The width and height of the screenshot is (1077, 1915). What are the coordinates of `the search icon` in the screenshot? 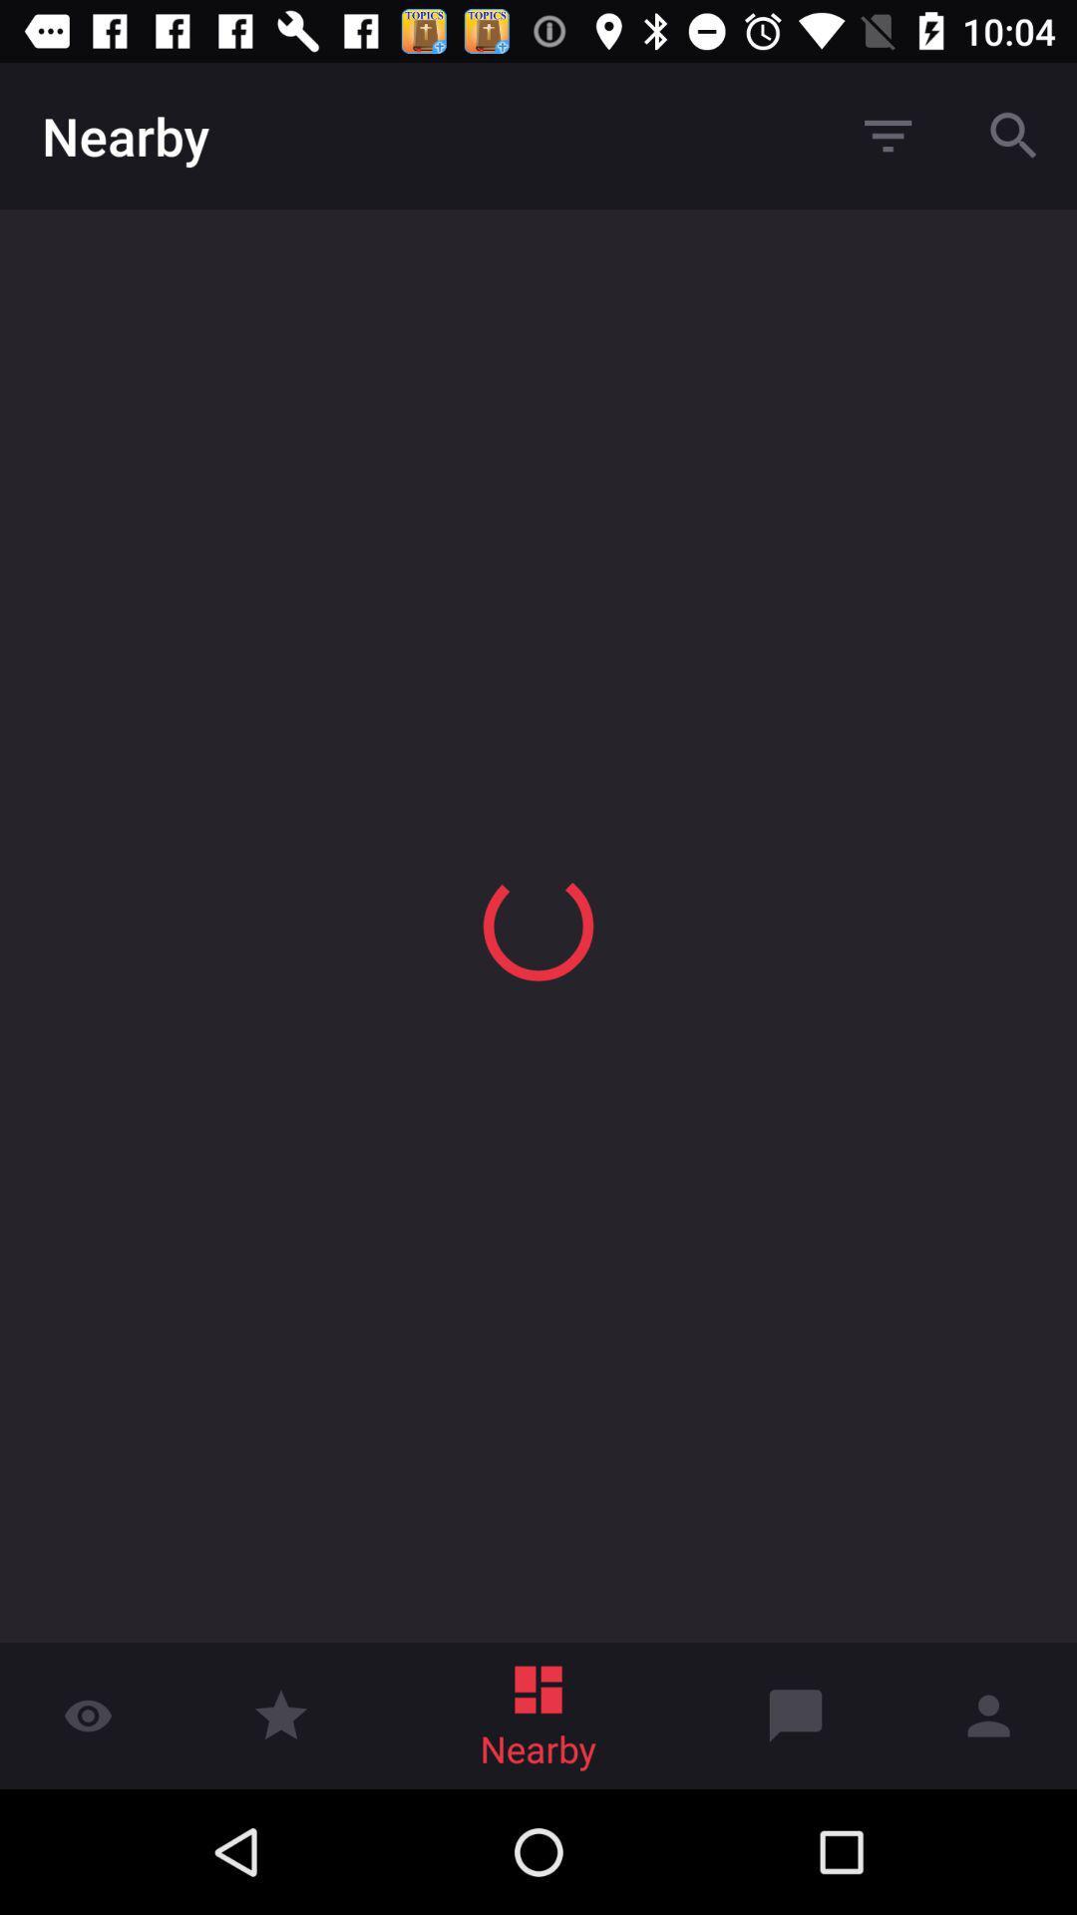 It's located at (1014, 136).